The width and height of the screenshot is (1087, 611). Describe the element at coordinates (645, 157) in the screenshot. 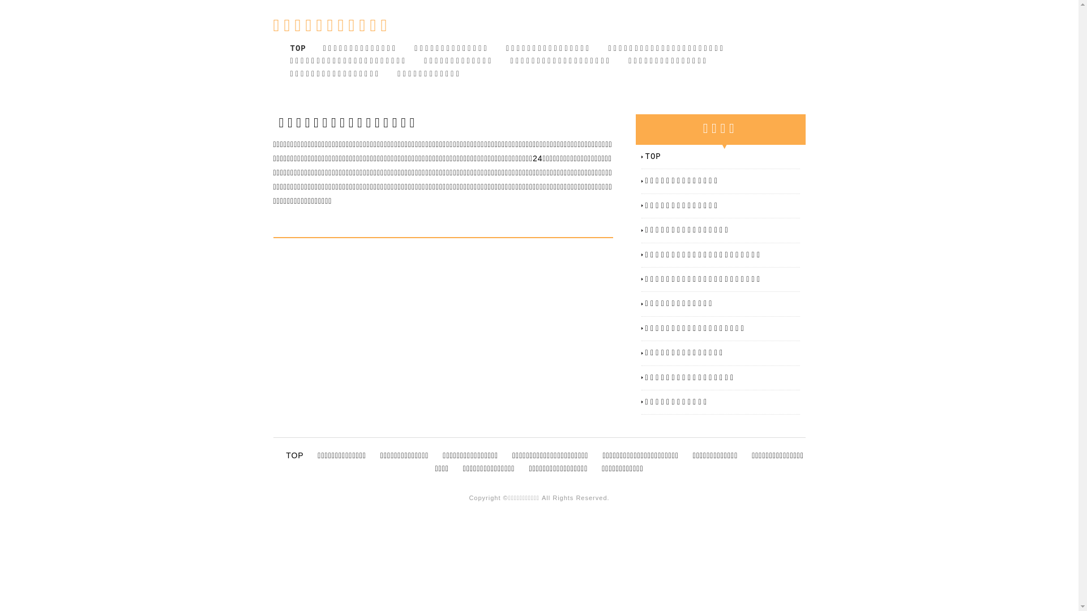

I see `'TOP'` at that location.